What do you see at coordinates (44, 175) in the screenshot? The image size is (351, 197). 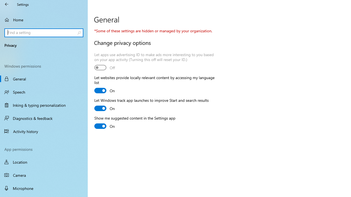 I see `'Camera'` at bounding box center [44, 175].